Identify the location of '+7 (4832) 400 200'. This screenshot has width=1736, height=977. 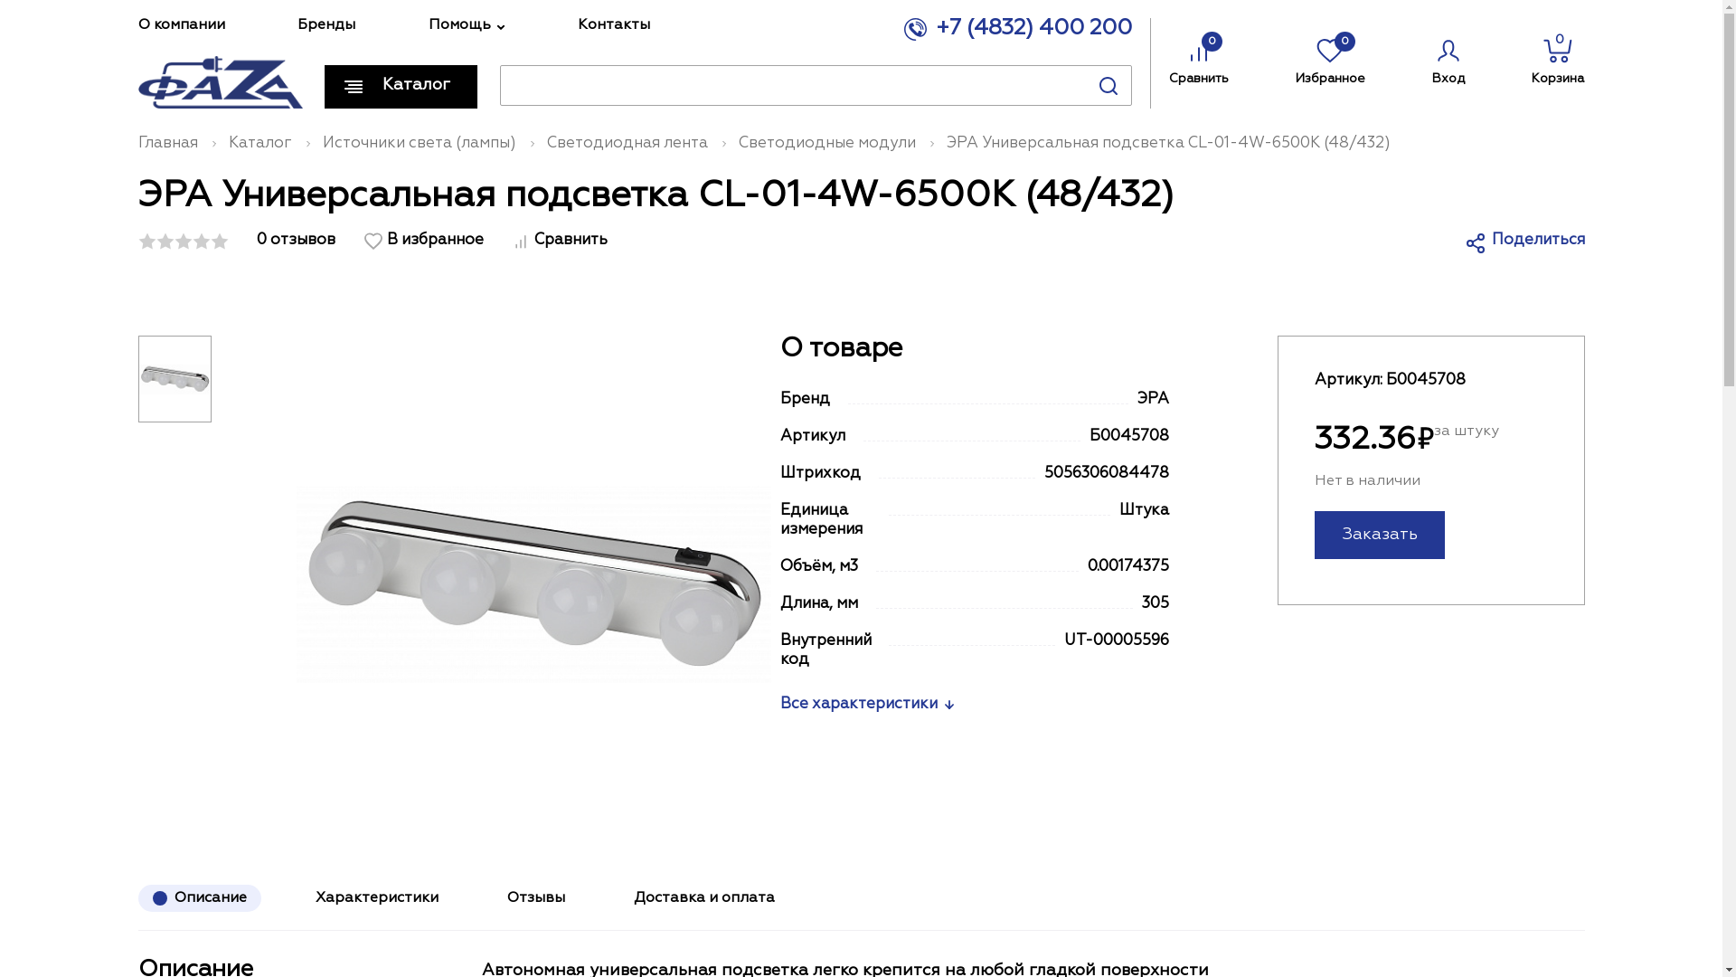
(1018, 26).